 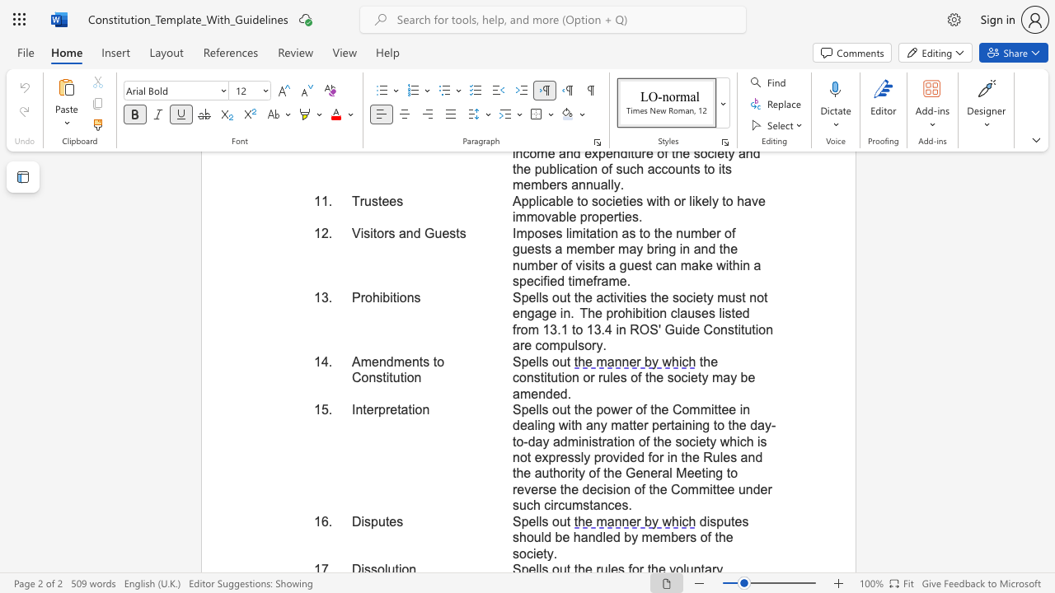 What do you see at coordinates (681, 377) in the screenshot?
I see `the subset text "ciety may b" within the text "the constitution or rules of the society may be amended."` at bounding box center [681, 377].